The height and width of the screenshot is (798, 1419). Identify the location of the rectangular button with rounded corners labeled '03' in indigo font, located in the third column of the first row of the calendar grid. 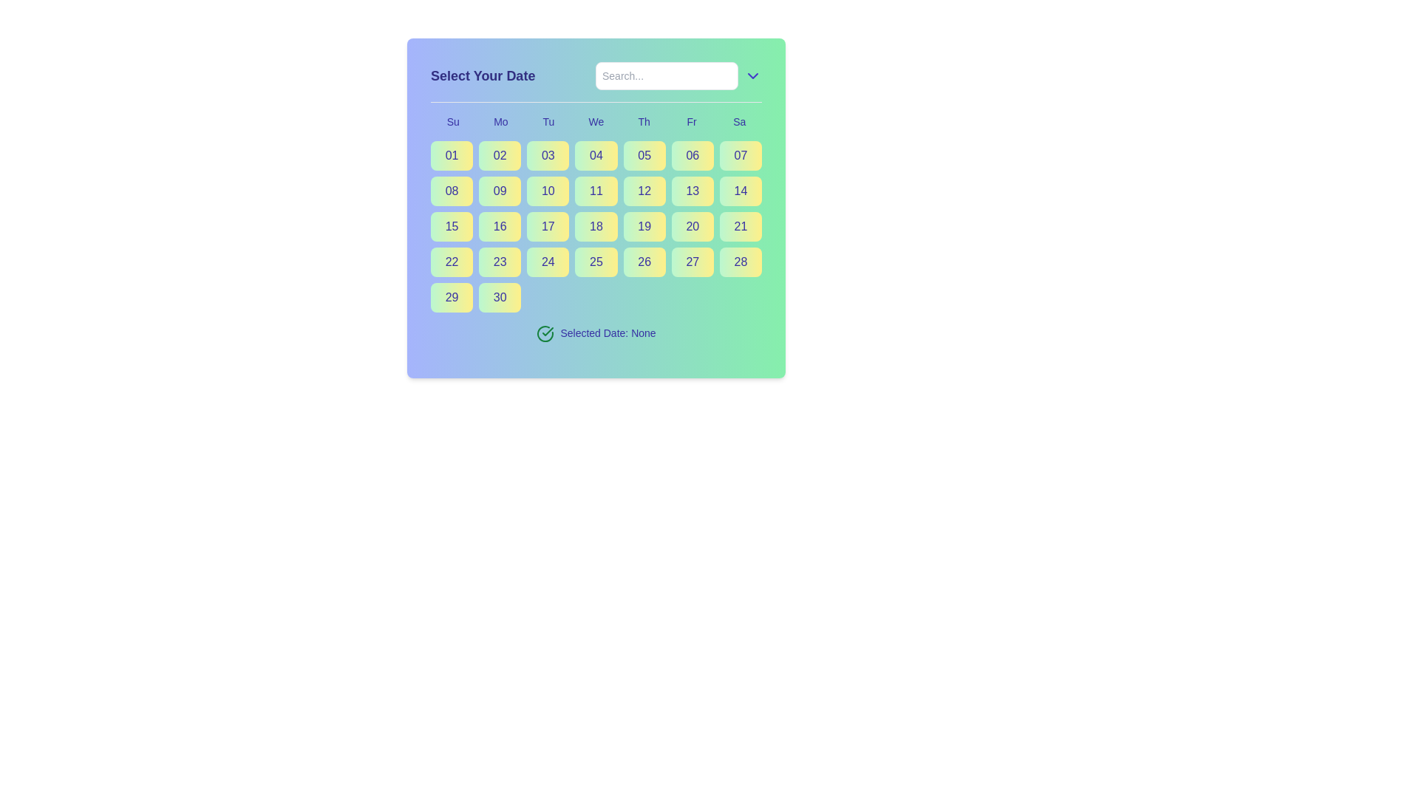
(547, 156).